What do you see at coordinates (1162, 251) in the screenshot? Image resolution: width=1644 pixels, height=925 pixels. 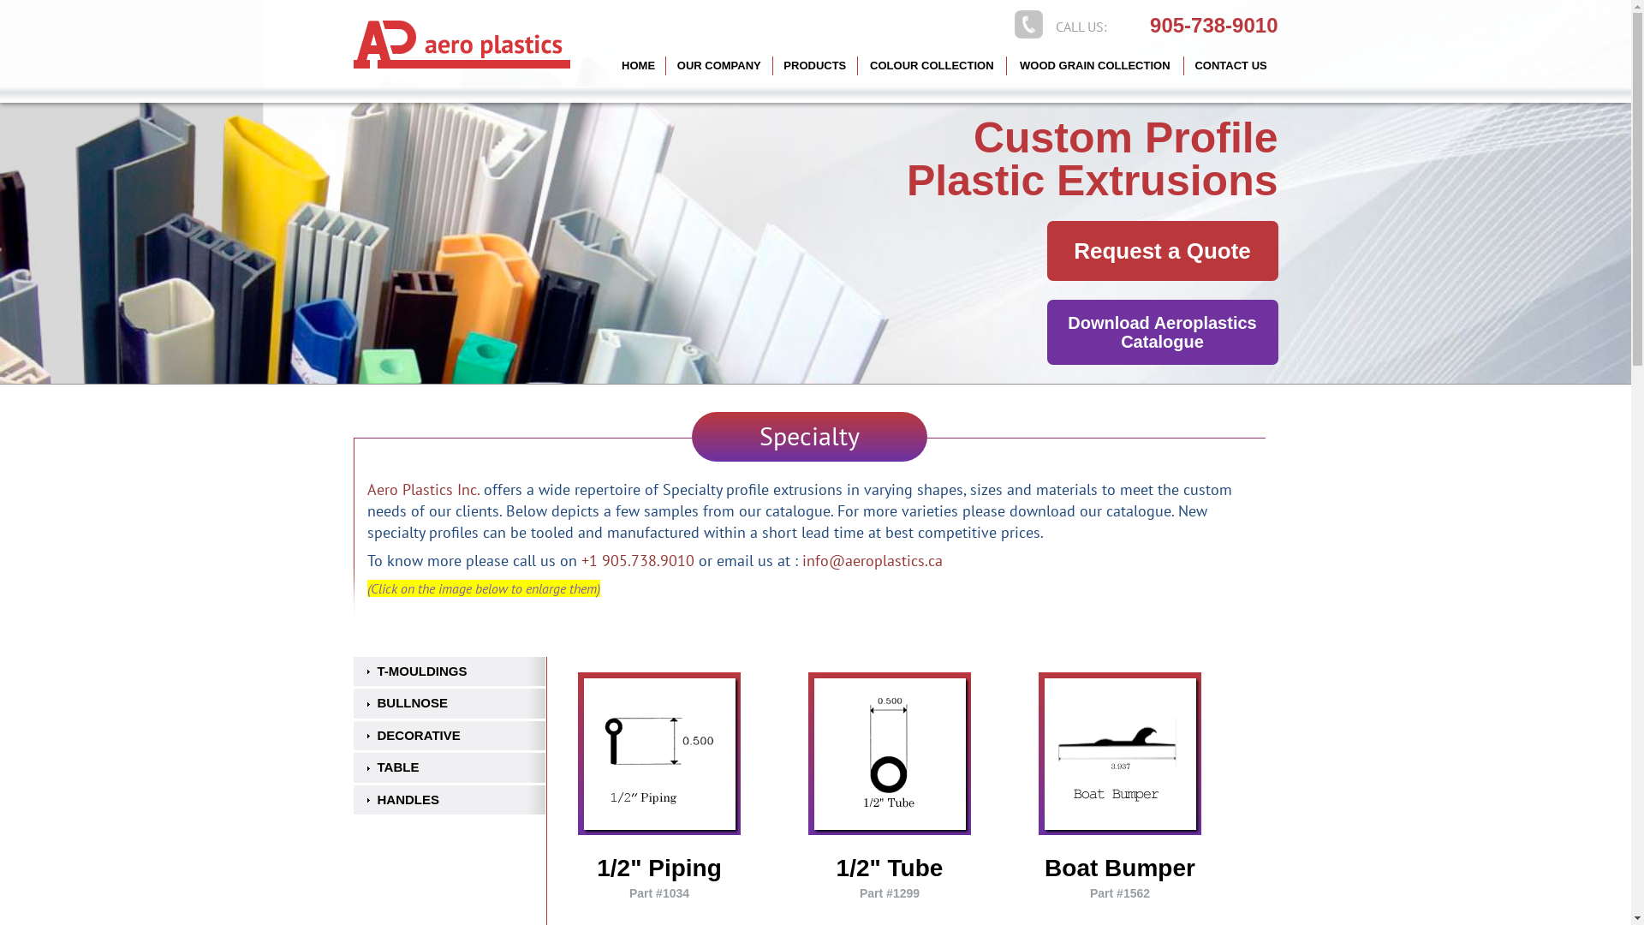 I see `'Request a Quote'` at bounding box center [1162, 251].